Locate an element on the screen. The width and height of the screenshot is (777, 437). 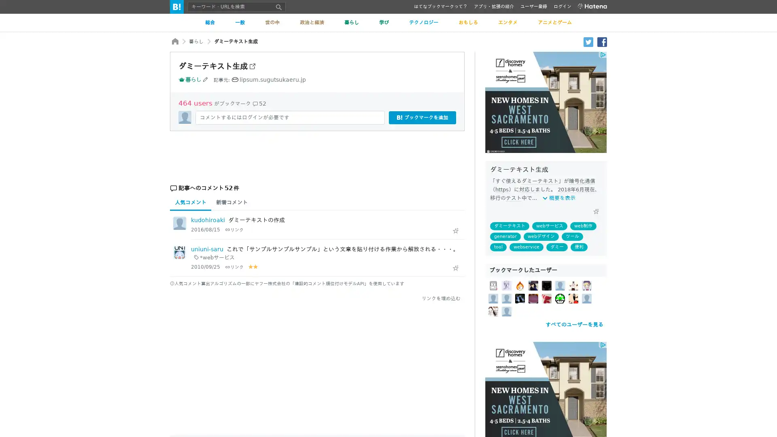
Add Star is located at coordinates (456, 268).